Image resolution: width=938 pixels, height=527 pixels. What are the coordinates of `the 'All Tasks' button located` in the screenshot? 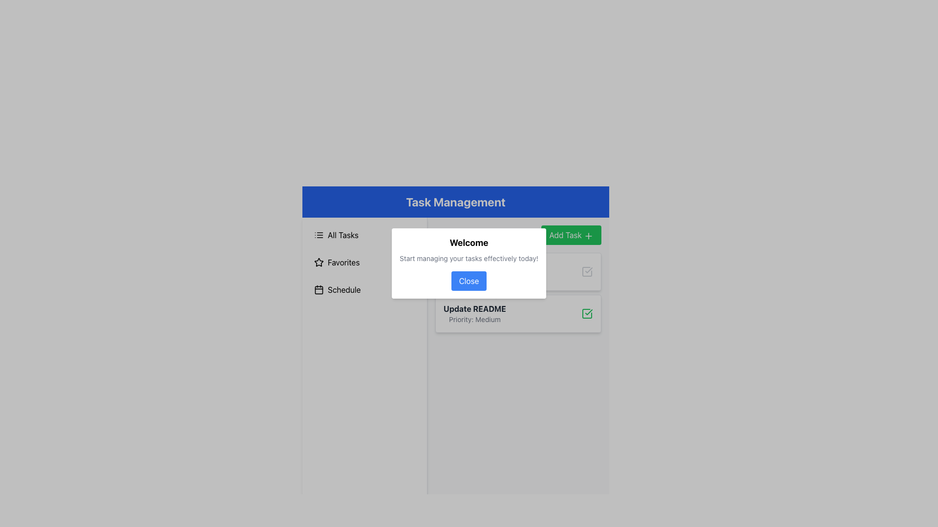 It's located at (336, 235).